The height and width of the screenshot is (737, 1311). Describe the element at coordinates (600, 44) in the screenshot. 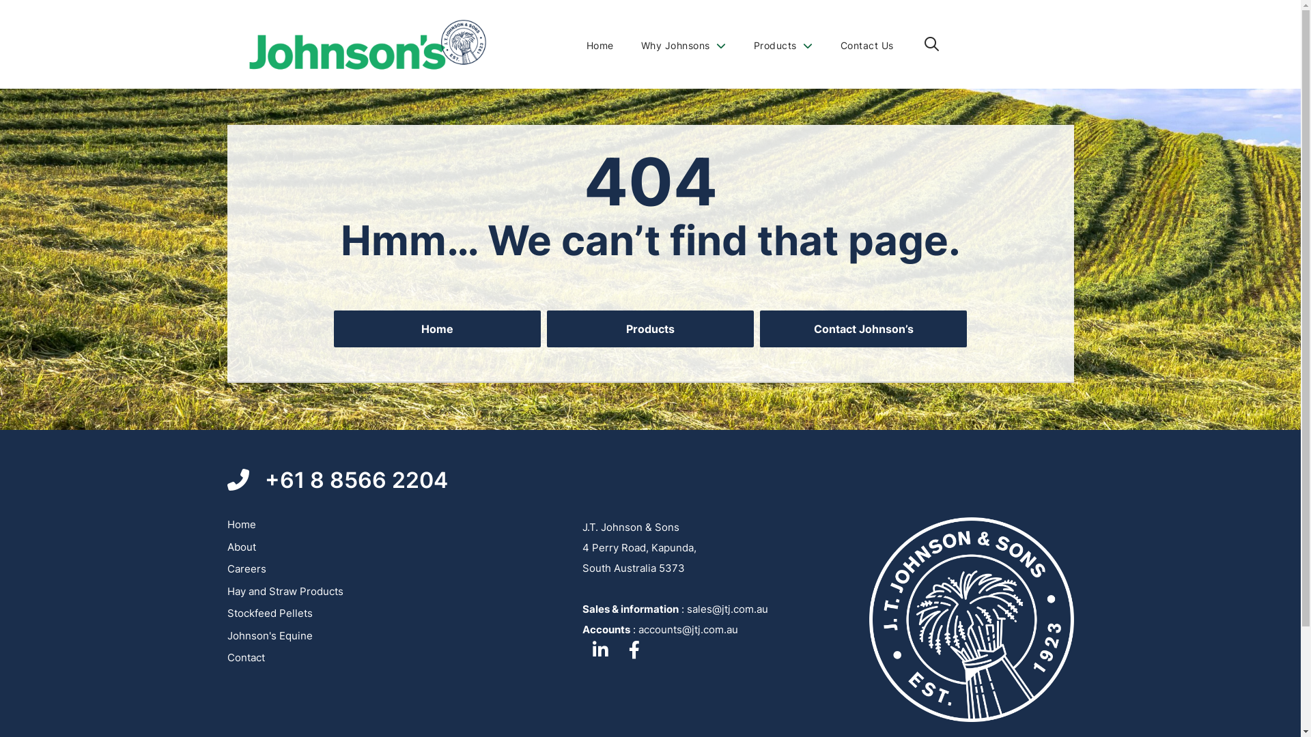

I see `'Home'` at that location.